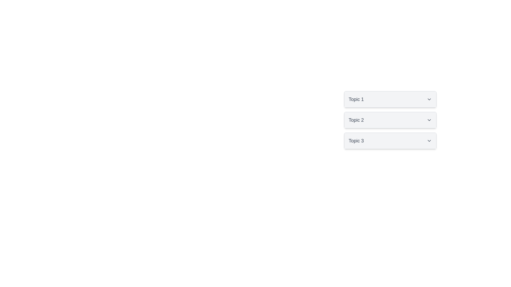  I want to click on the SVG icon representing a chevron-down symbol located to the right of the text 'Topic 1' within the first dropdown component, so click(429, 99).